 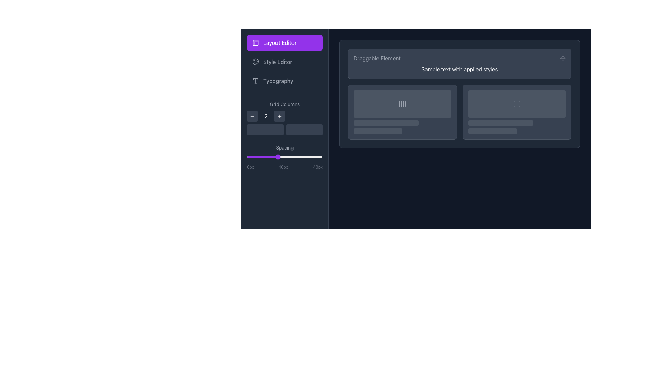 I want to click on the text label or button representing the 'Style Editor' functionality located in the left-hand sidebar, positioned beneath 'Layout Editor' and above 'Typography', so click(x=278, y=62).